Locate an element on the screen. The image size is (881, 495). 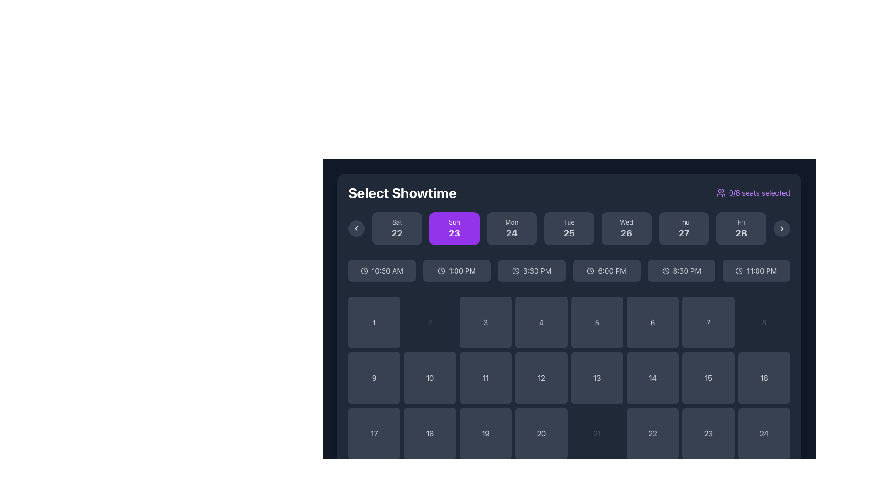
the small circular clock icon located to the left of the time label '10:30 AM', positioned within the row of selectable times under the purple-highlighted date 'Sun 23' is located at coordinates (364, 270).